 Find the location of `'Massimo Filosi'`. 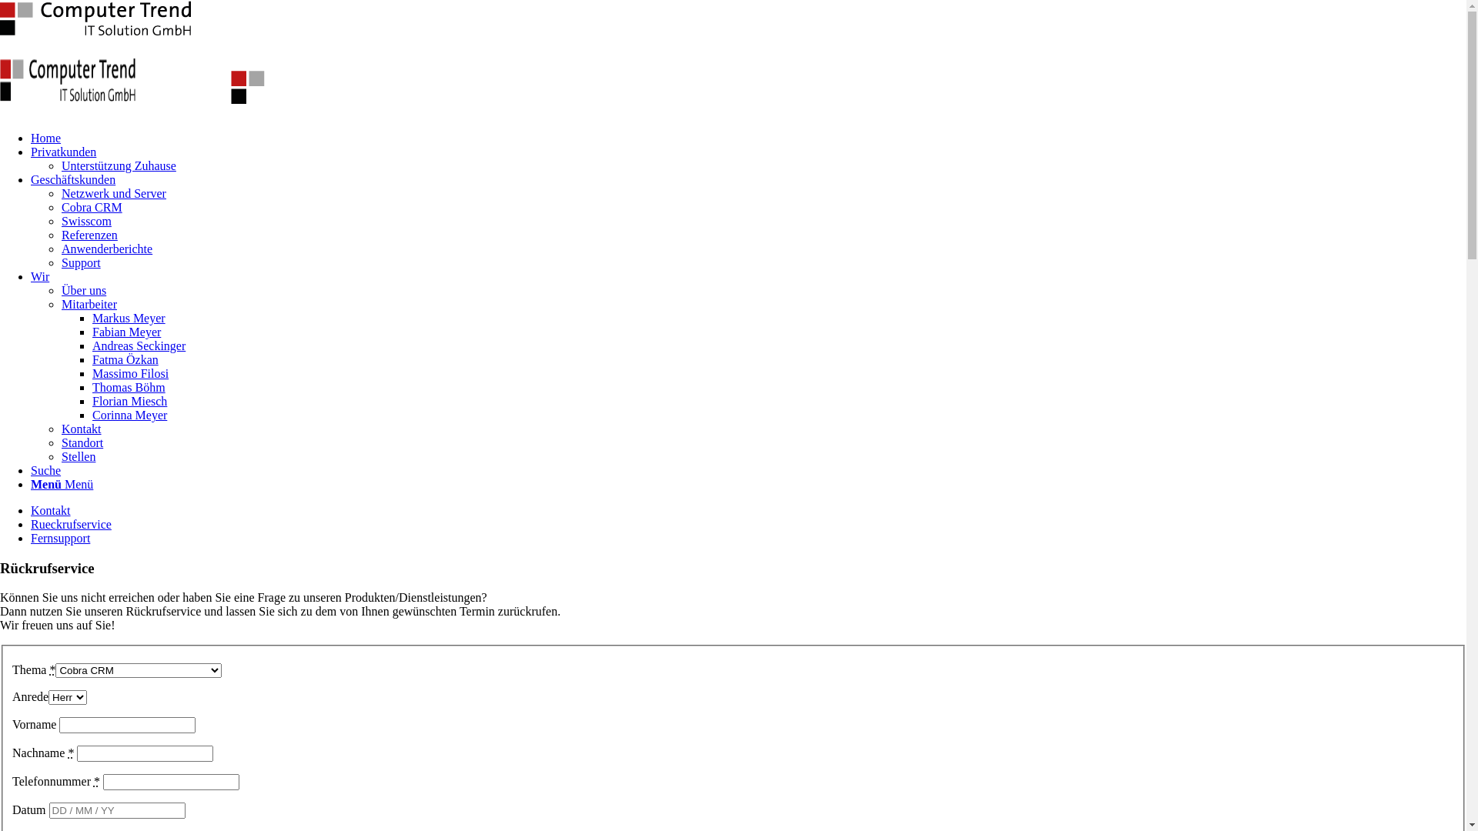

'Massimo Filosi' is located at coordinates (130, 373).